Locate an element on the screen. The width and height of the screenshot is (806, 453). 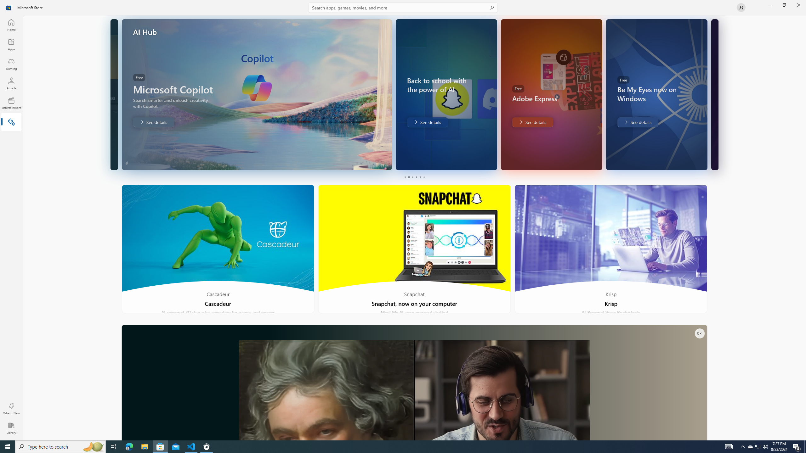
'Snapchat, now on your computer' is located at coordinates (414, 249).